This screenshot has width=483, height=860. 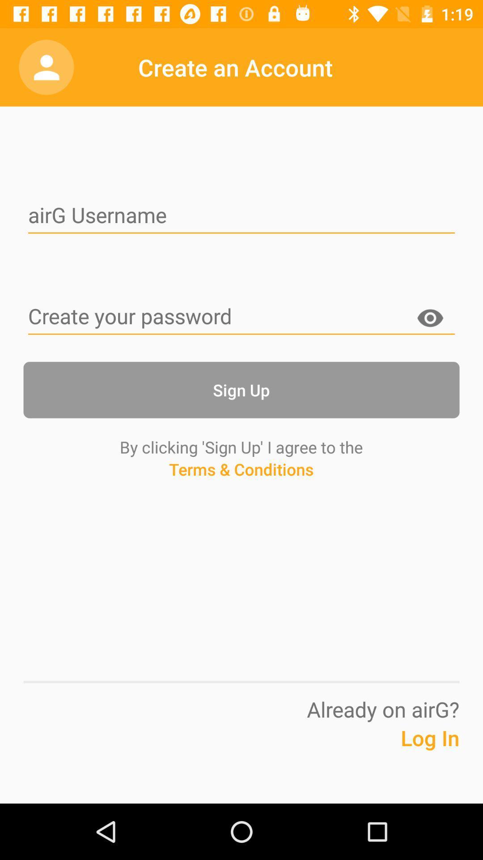 I want to click on the log in item, so click(x=407, y=752).